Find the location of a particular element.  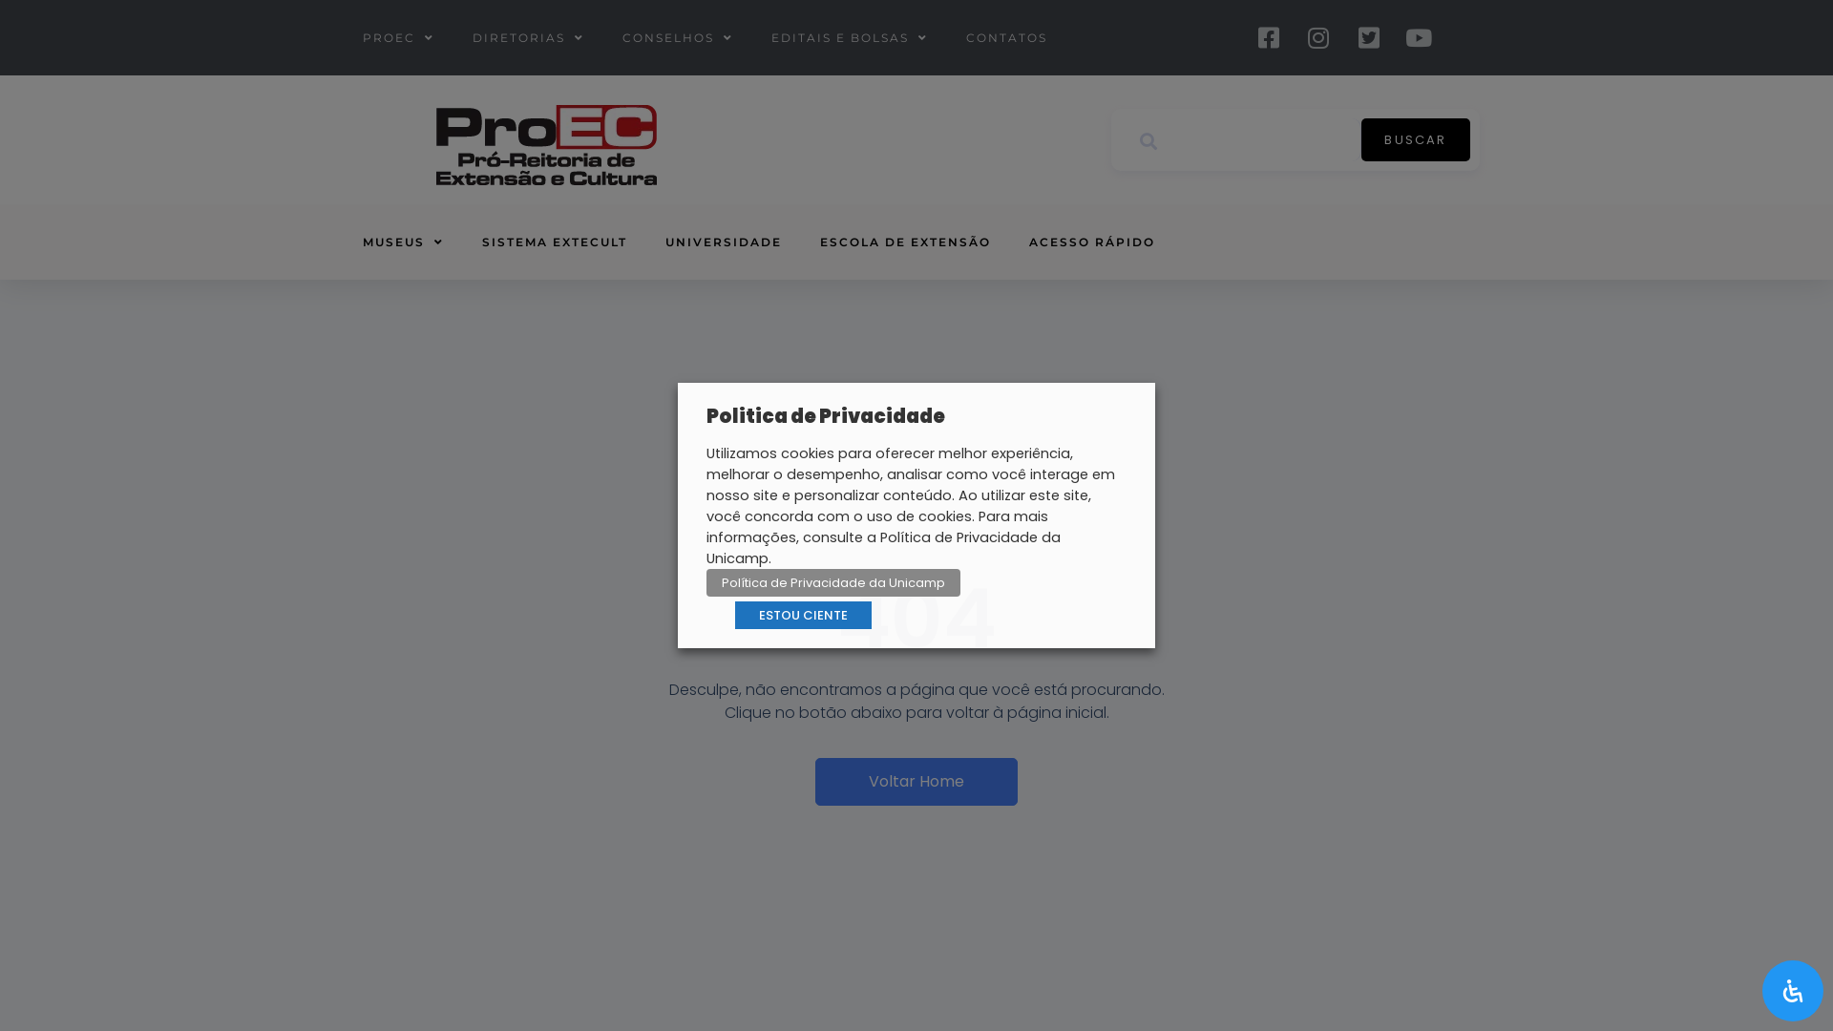

'Voltar Home' is located at coordinates (815, 781).